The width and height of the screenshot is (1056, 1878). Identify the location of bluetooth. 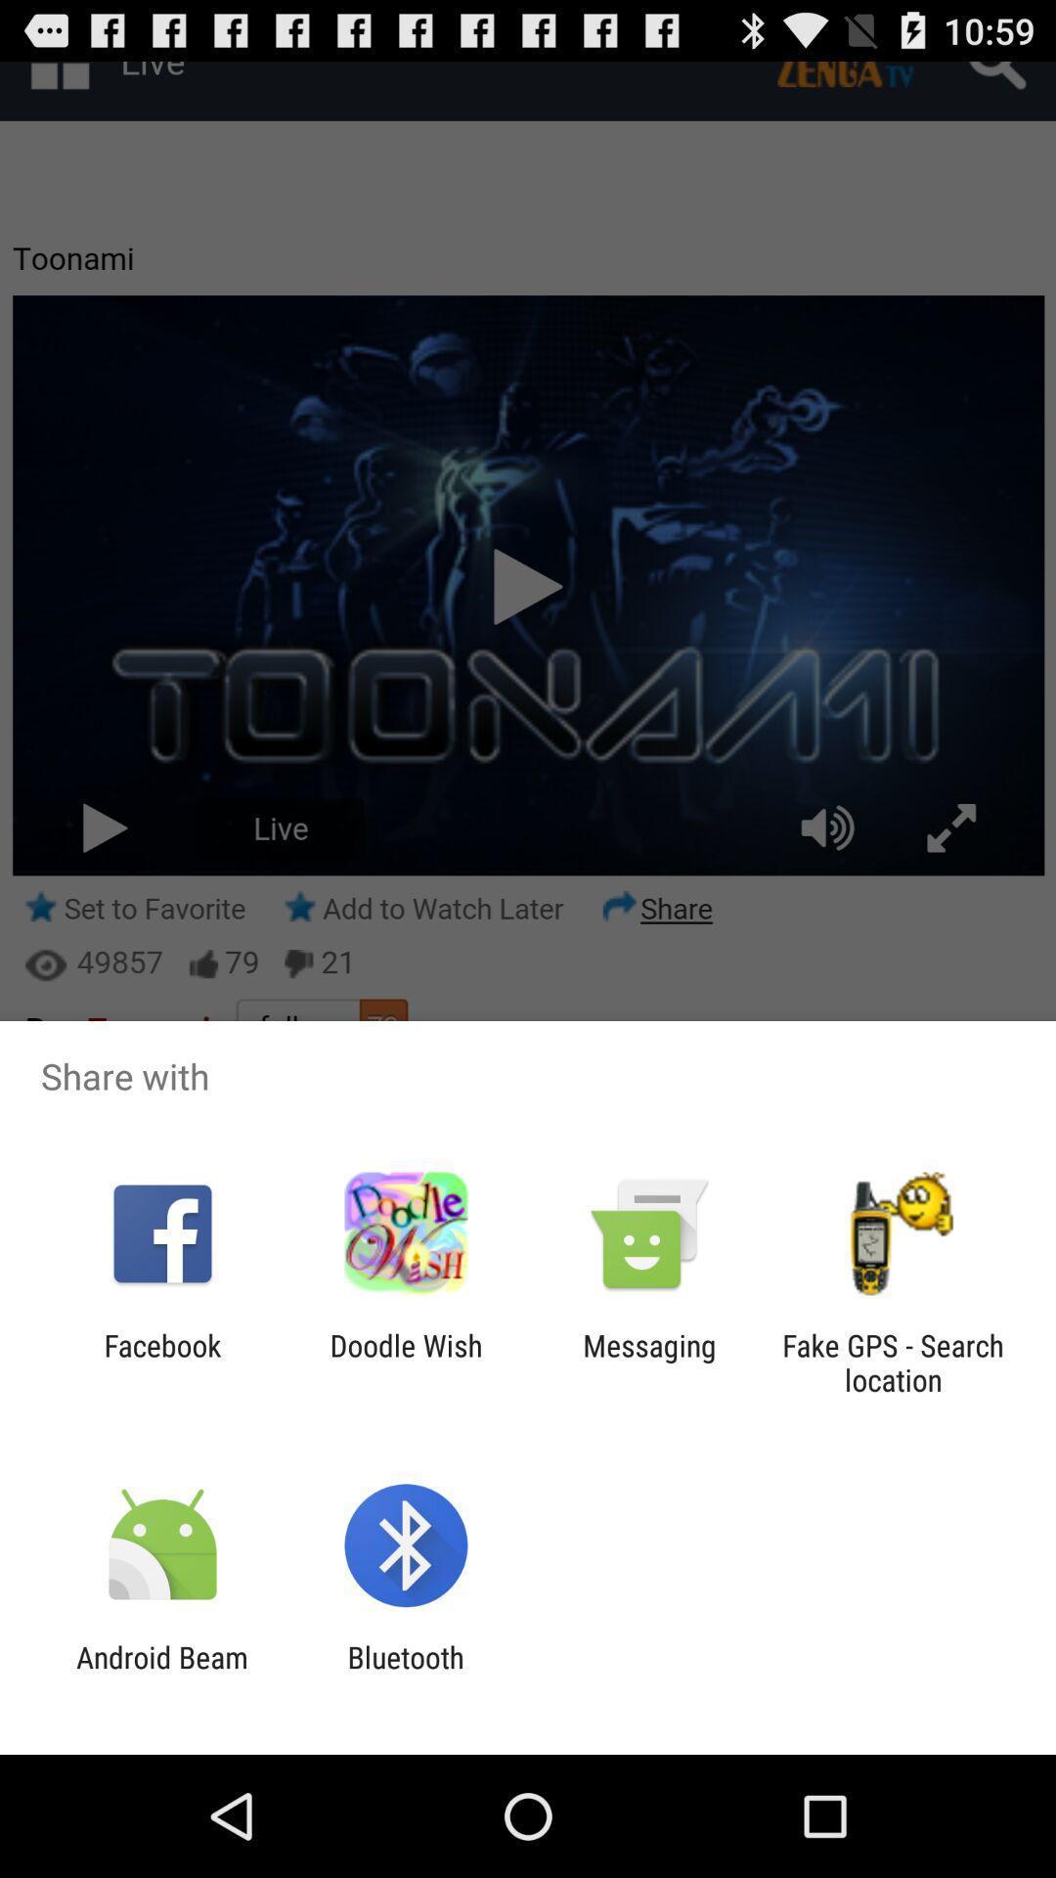
(405, 1674).